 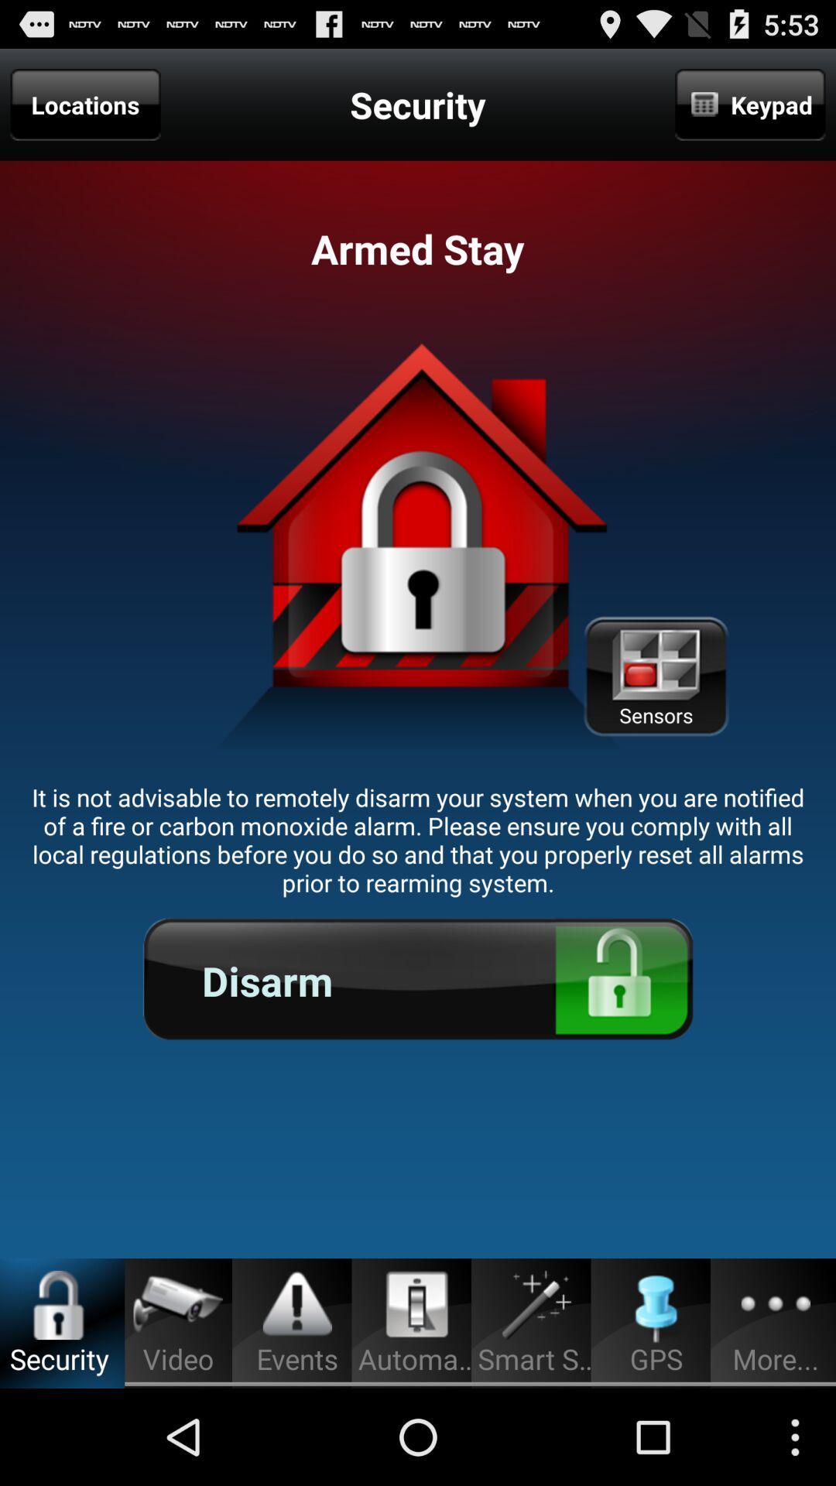 What do you see at coordinates (86, 104) in the screenshot?
I see `the button locations at the top of the page` at bounding box center [86, 104].